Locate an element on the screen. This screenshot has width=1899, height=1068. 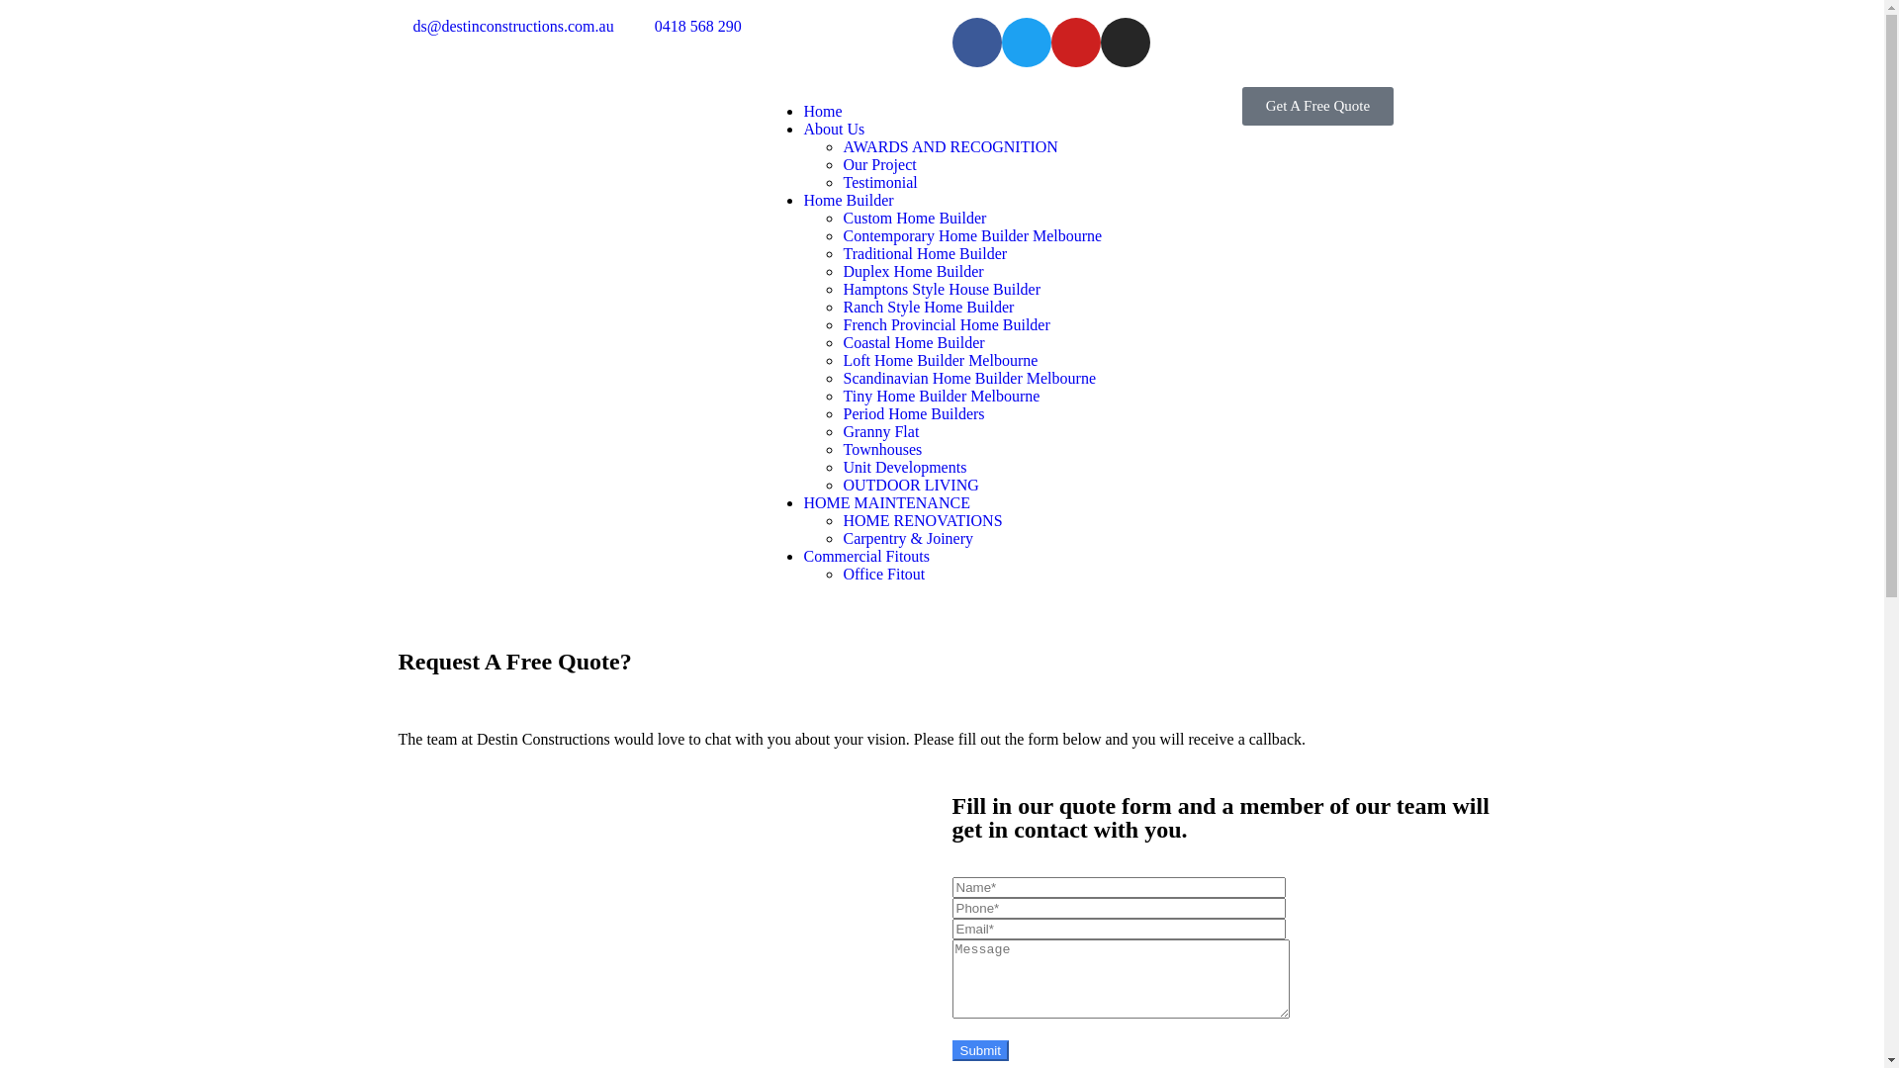
'Carpentry & Joinery' is located at coordinates (906, 538).